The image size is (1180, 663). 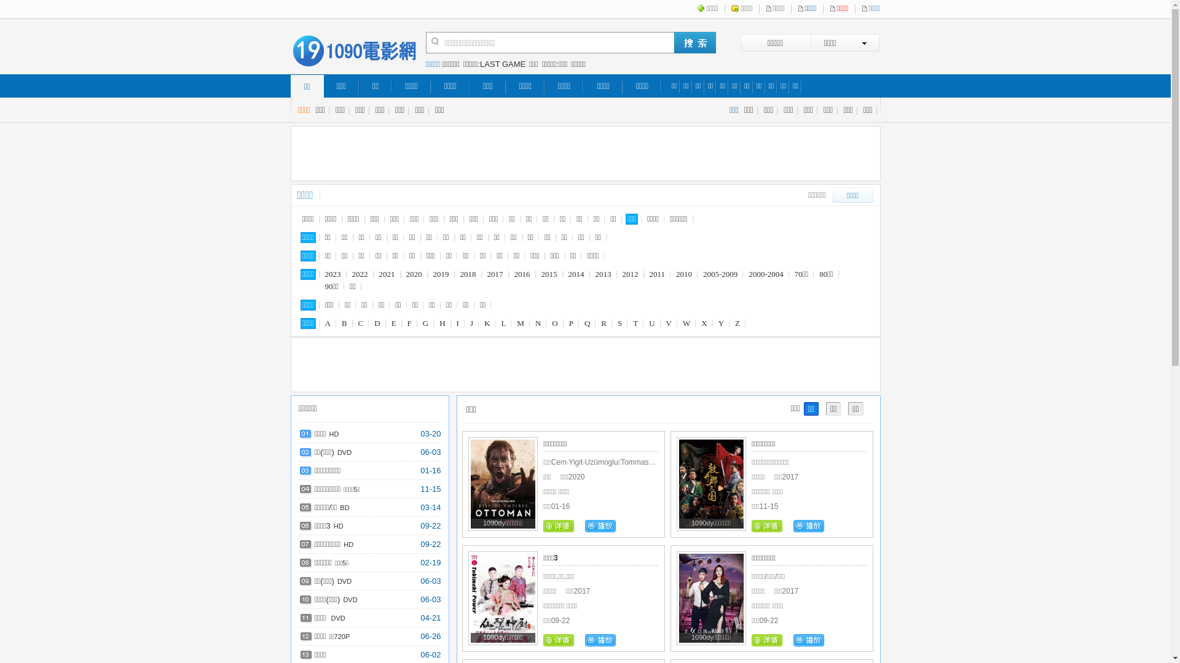 What do you see at coordinates (683, 274) in the screenshot?
I see `'2010'` at bounding box center [683, 274].